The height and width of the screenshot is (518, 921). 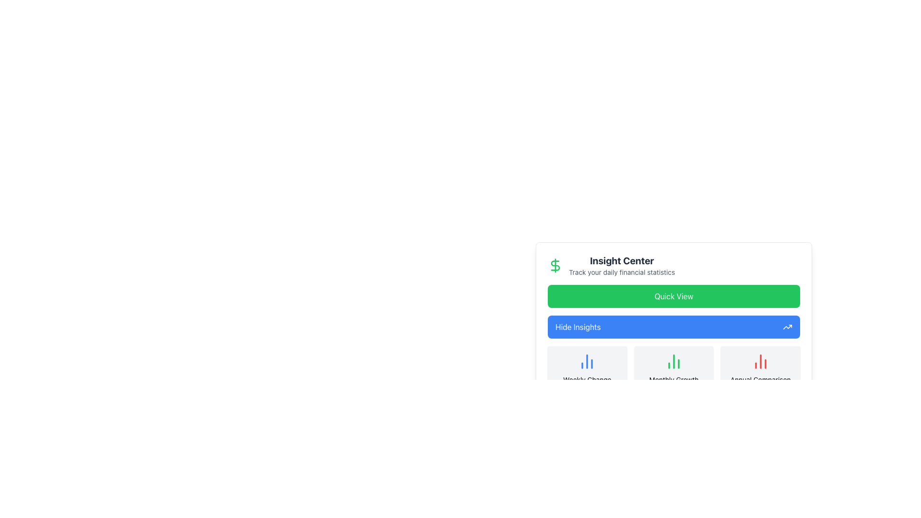 I want to click on the third Informative card displaying the annual financial comparison summary, located at the bottom-right of the interface, so click(x=760, y=375).